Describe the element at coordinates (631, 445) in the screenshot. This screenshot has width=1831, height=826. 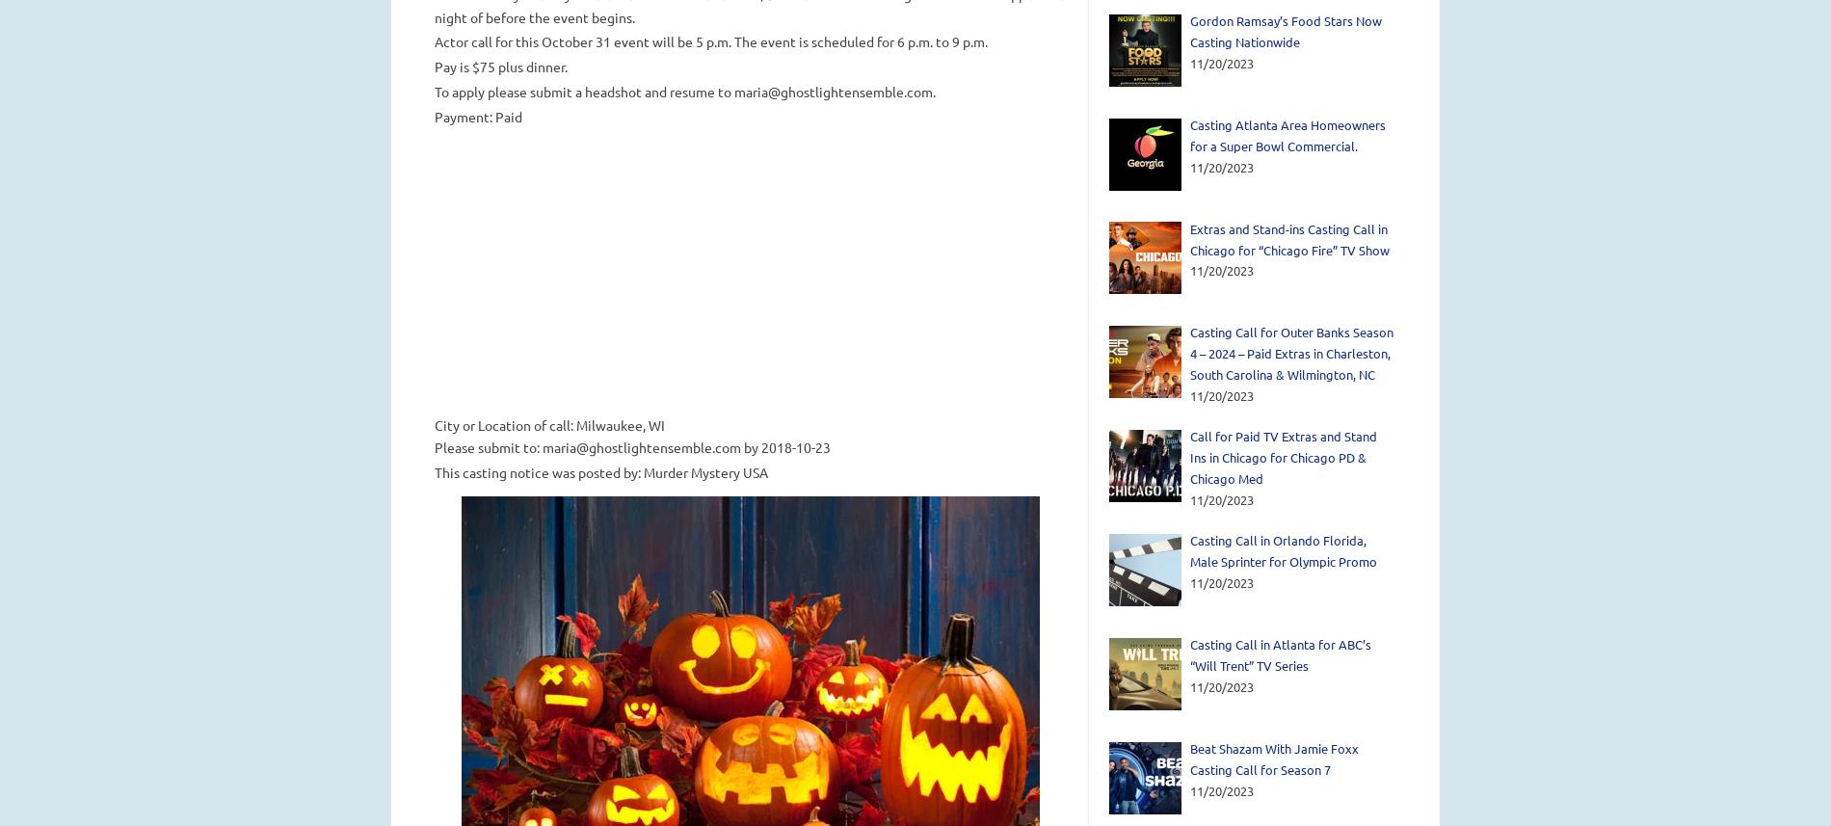
I see `'Please submit to: maria@ghostlightensemble.com by 2018-10-23'` at that location.